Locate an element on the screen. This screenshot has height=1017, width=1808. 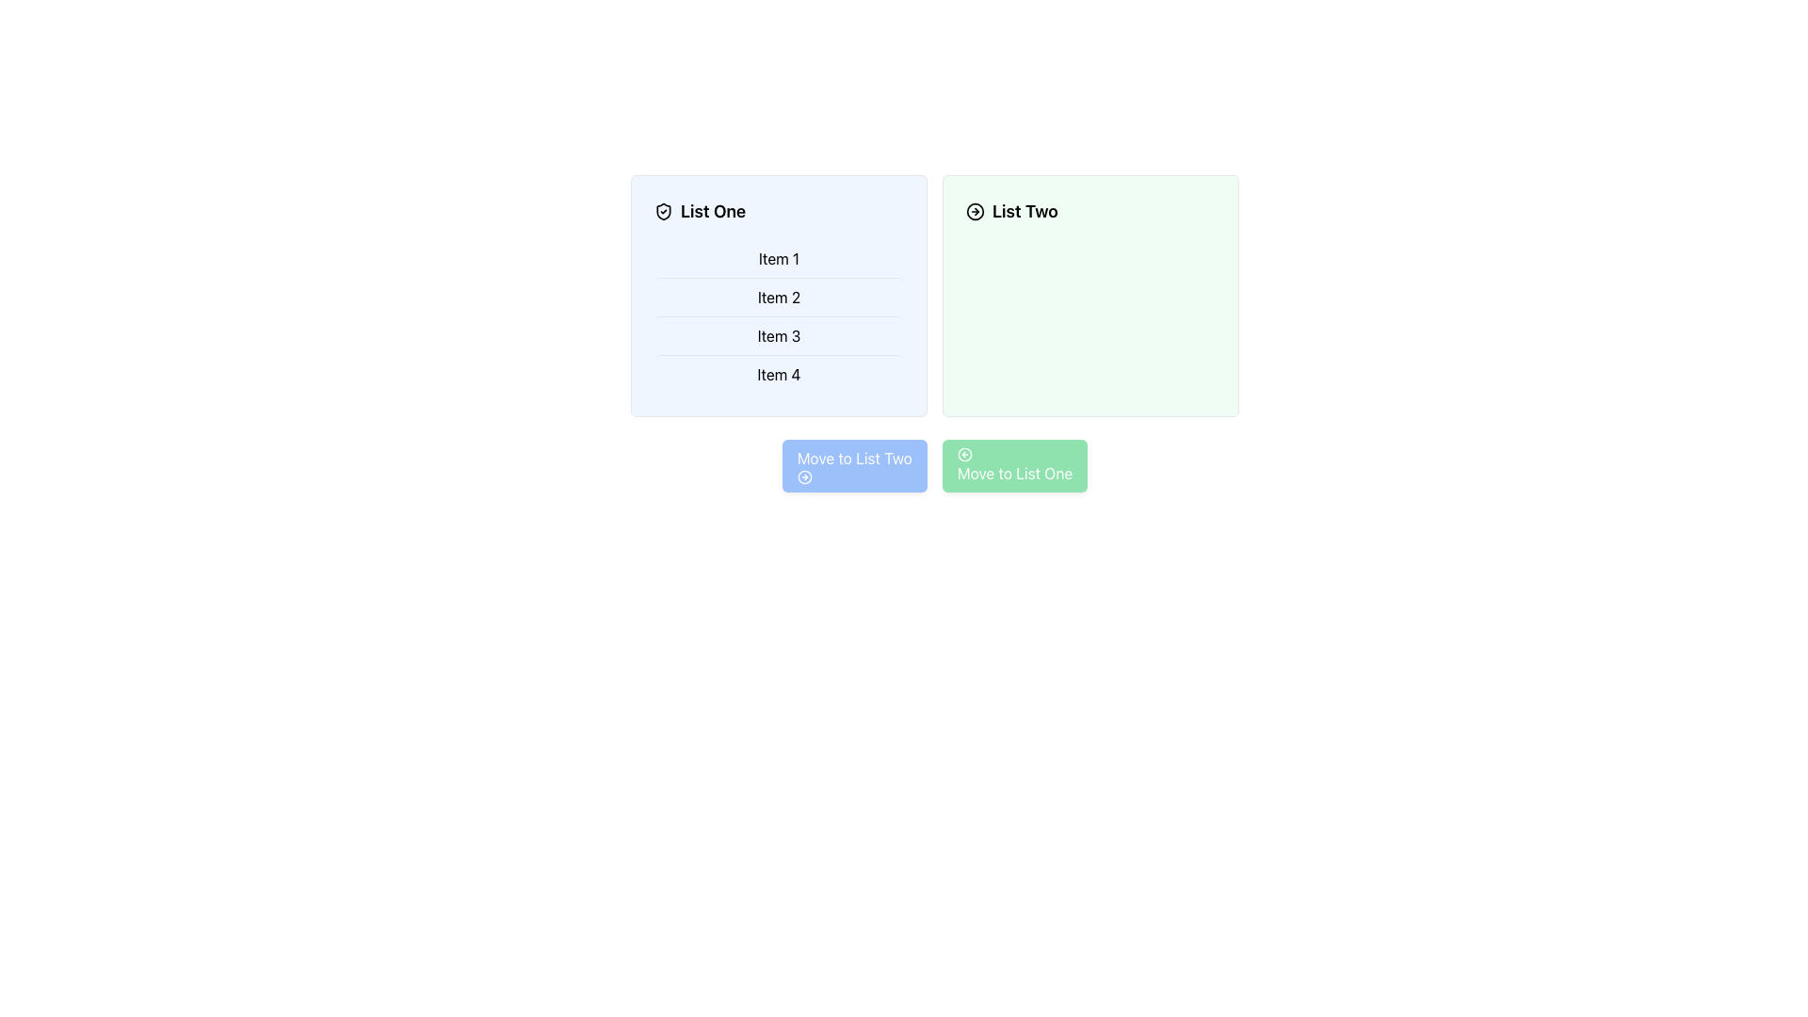
the rectangular blue button with white text 'Move to List Two' is located at coordinates (853, 465).